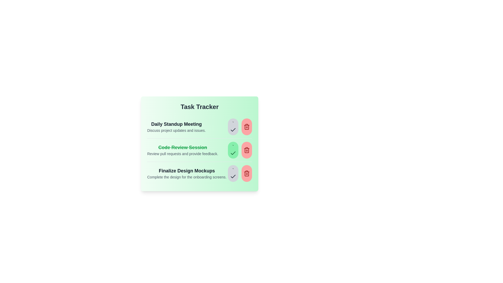  What do you see at coordinates (246, 150) in the screenshot?
I see `the delete button for the task identified by Code Review Session` at bounding box center [246, 150].